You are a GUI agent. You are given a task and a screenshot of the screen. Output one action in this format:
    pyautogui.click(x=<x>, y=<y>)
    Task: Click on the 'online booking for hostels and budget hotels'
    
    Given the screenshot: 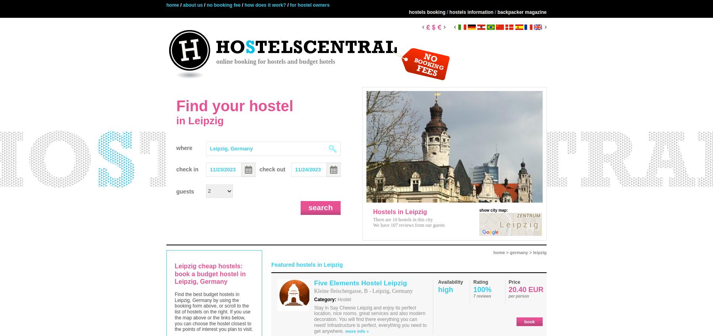 What is the action you would take?
    pyautogui.click(x=275, y=61)
    